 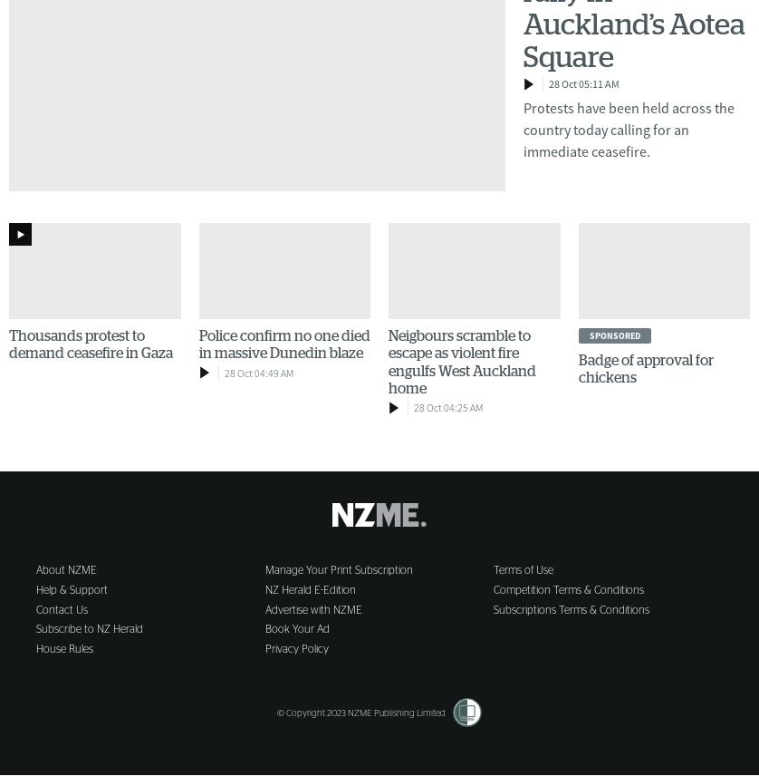 What do you see at coordinates (388, 361) in the screenshot?
I see `'Neigbours scramble to escape as violent fire engulfs West Auckland home'` at bounding box center [388, 361].